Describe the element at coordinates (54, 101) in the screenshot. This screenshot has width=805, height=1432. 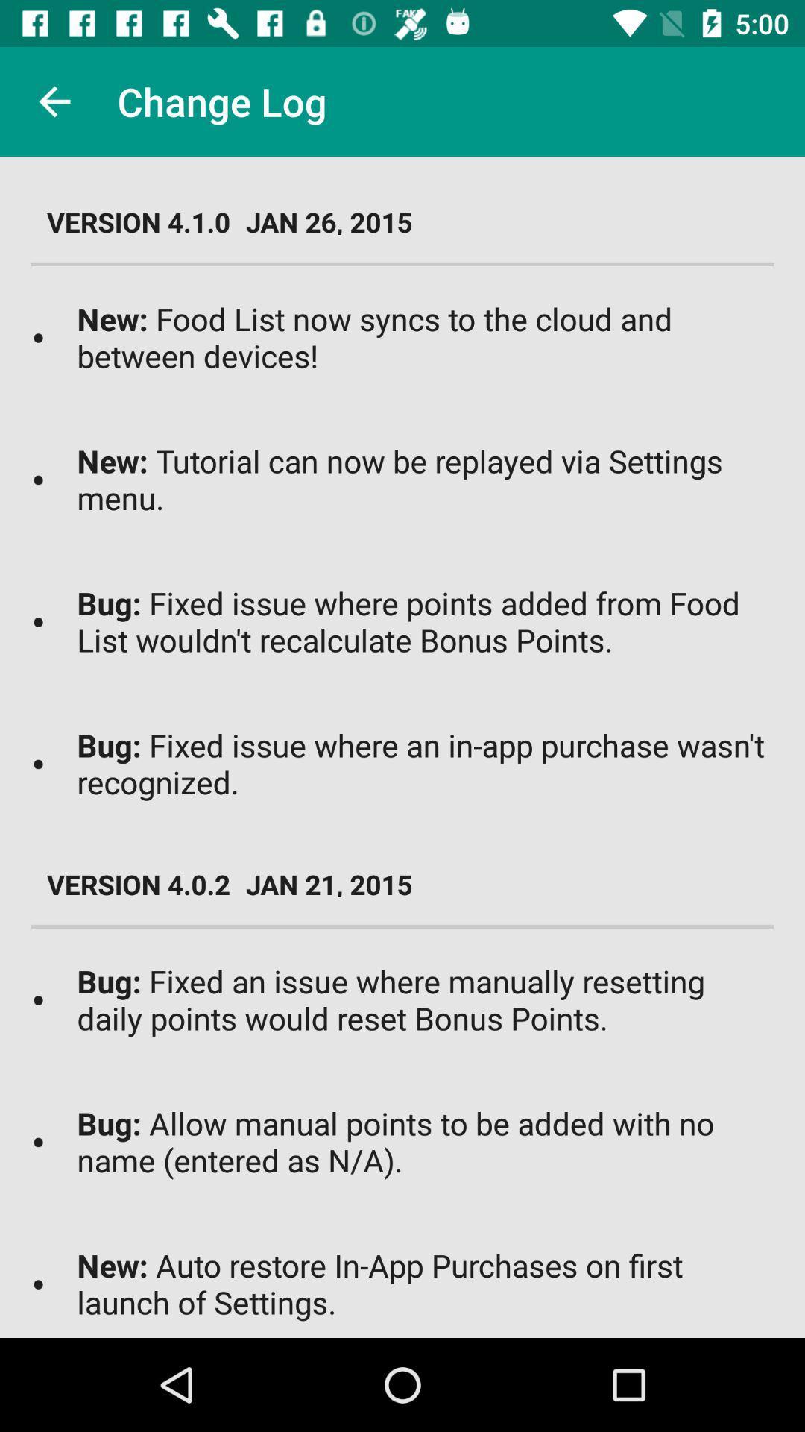
I see `item next to change log` at that location.